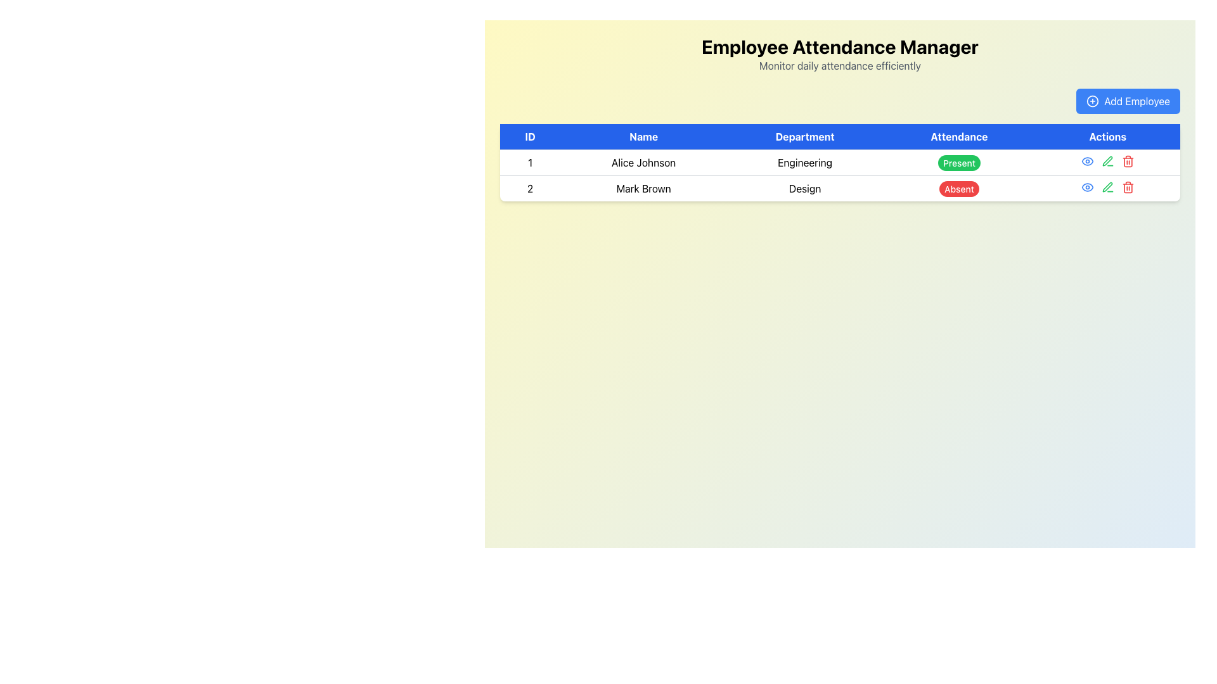  Describe the element at coordinates (1086, 160) in the screenshot. I see `the eye icon vector graphic in the 'Actions' column of the second row of the attendance table` at that location.